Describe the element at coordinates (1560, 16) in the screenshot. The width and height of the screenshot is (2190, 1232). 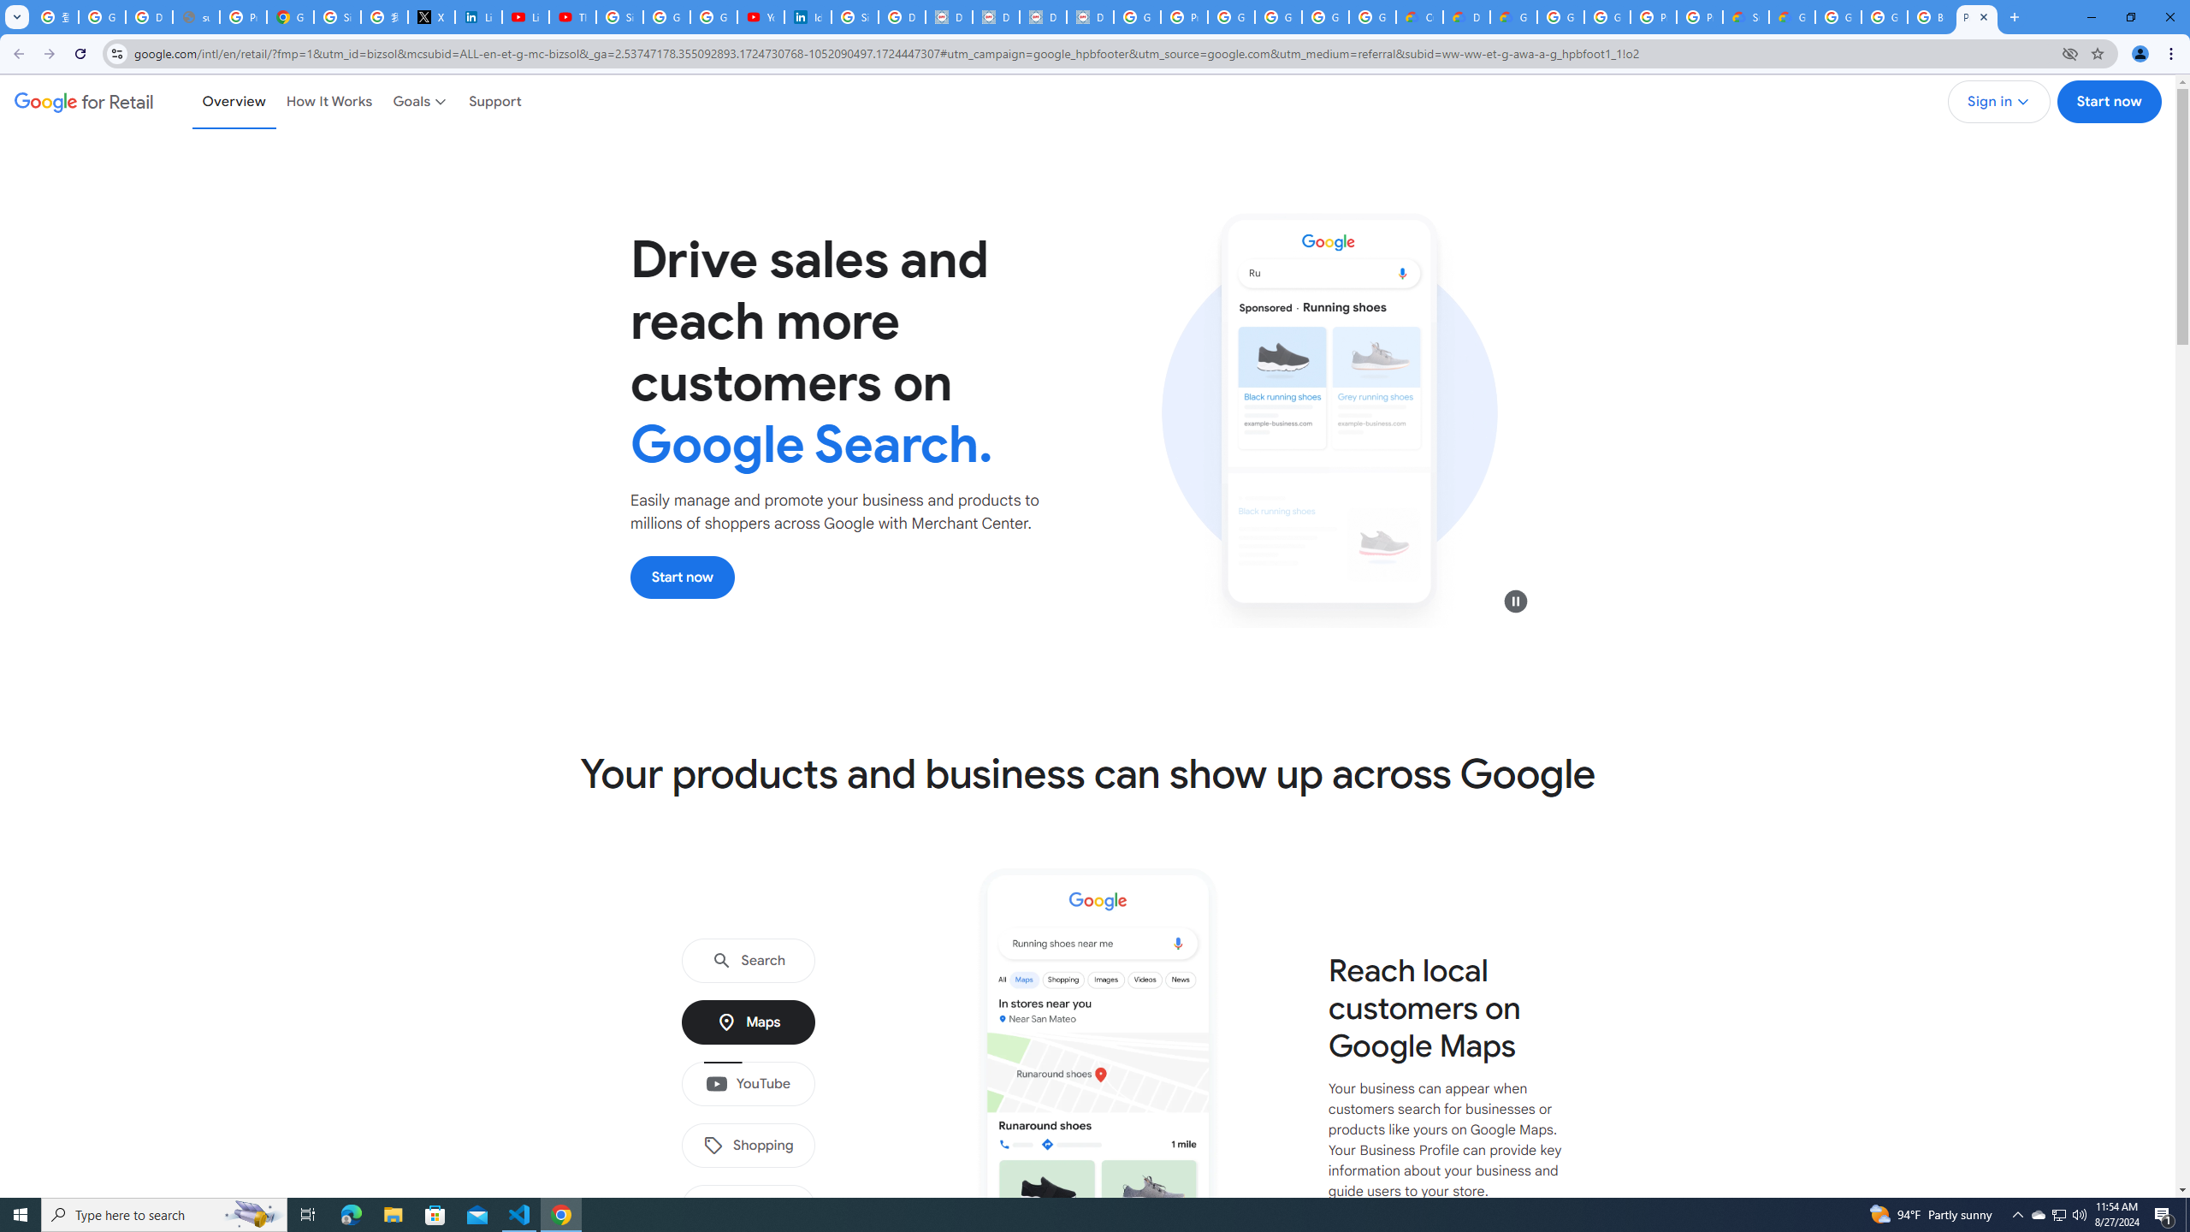
I see `'Google Cloud Platform'` at that location.